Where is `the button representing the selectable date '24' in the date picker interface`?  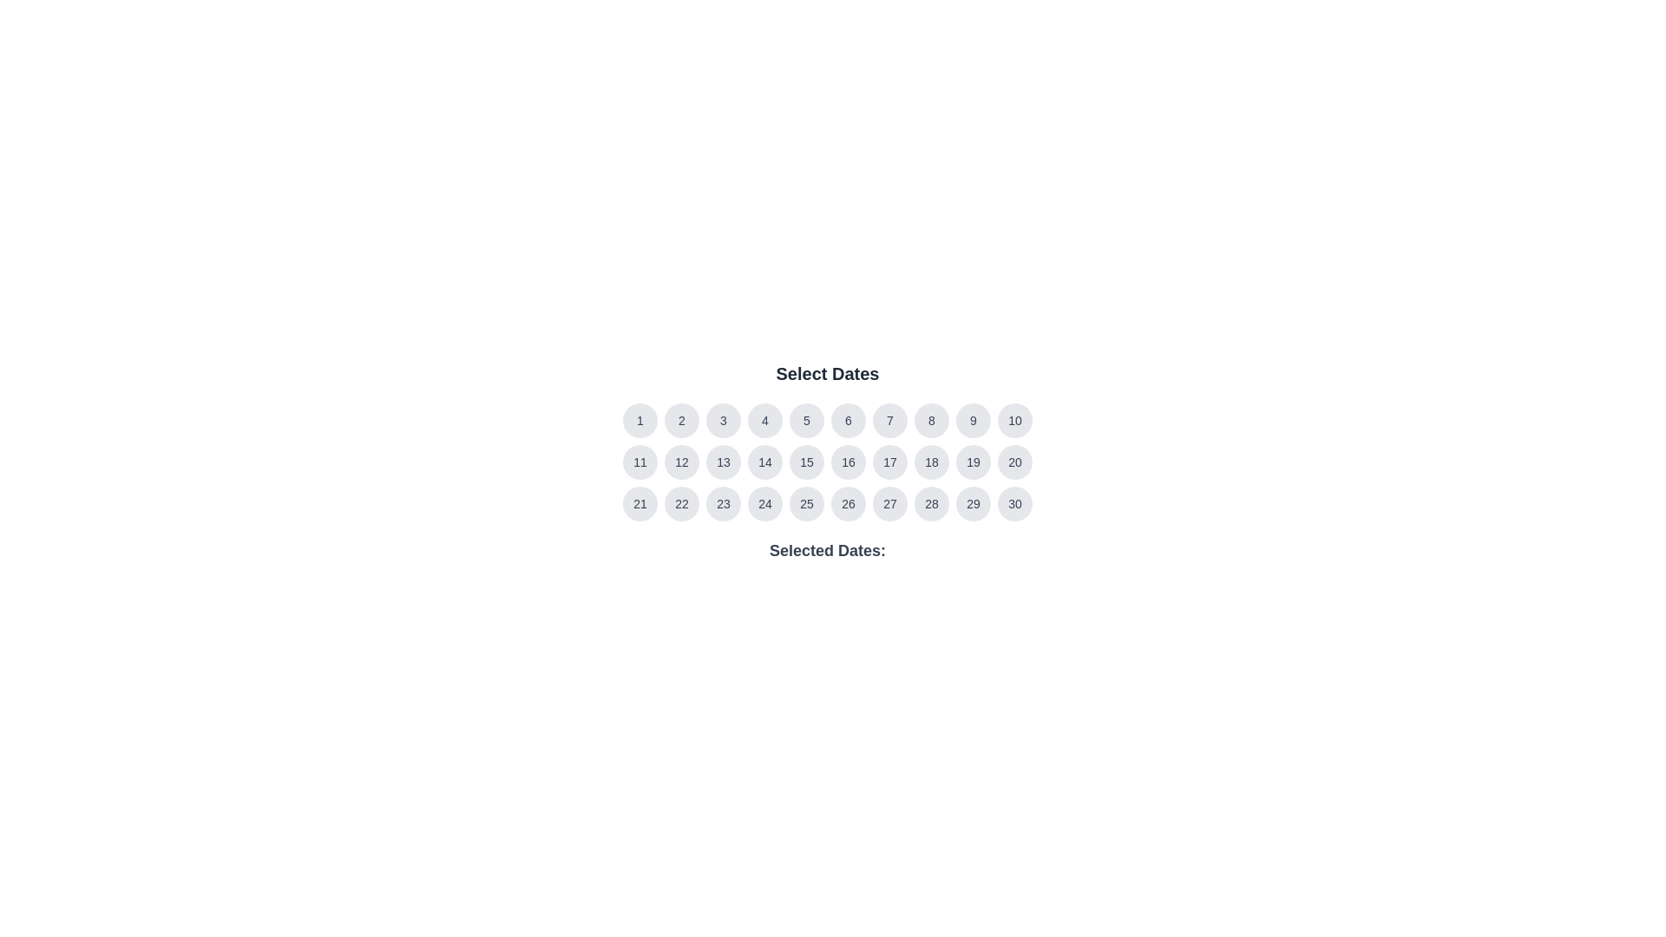 the button representing the selectable date '24' in the date picker interface is located at coordinates (764, 504).